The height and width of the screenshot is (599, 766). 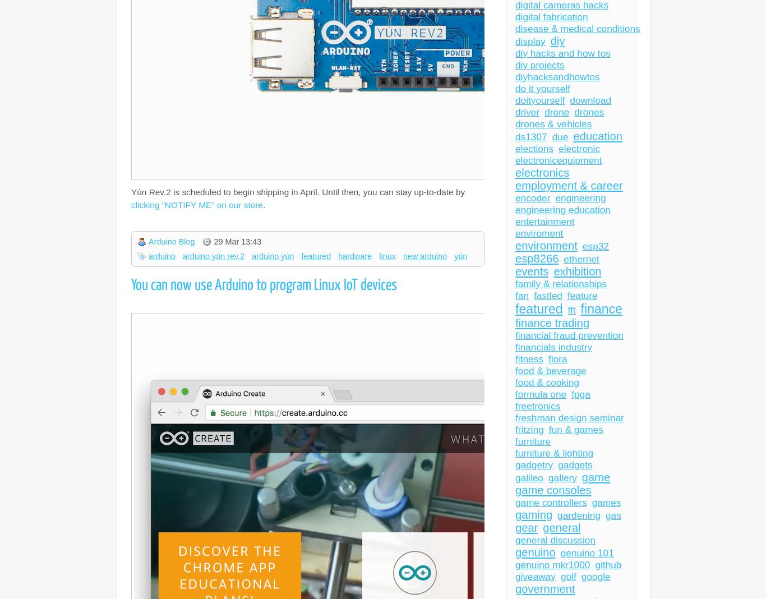 What do you see at coordinates (612, 515) in the screenshot?
I see `'gas'` at bounding box center [612, 515].